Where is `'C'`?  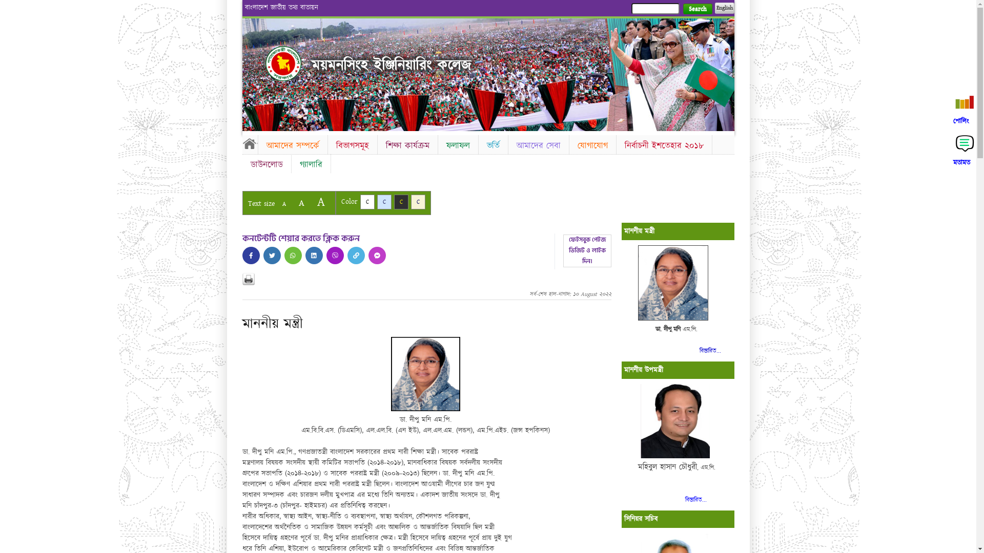 'C' is located at coordinates (400, 202).